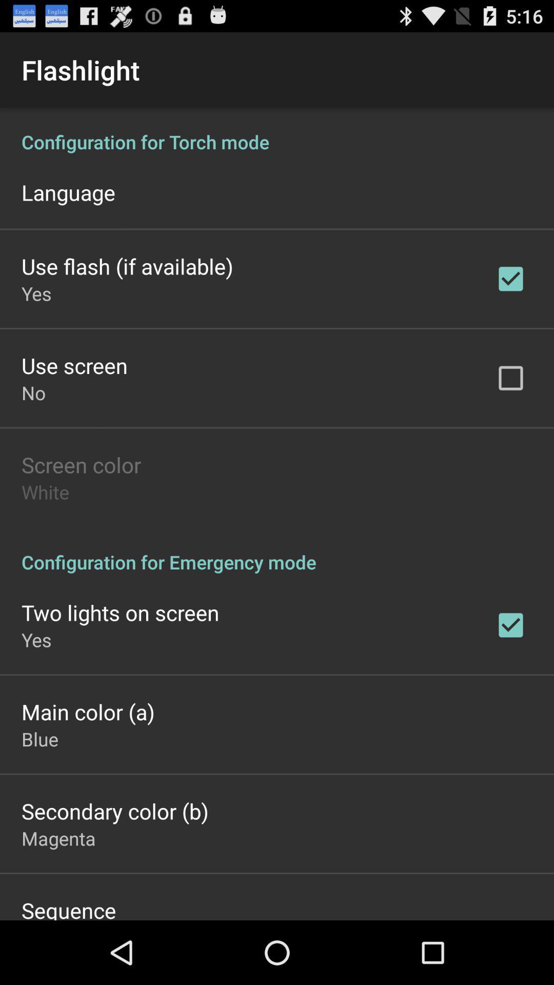 This screenshot has width=554, height=985. What do you see at coordinates (33, 392) in the screenshot?
I see `the no item` at bounding box center [33, 392].